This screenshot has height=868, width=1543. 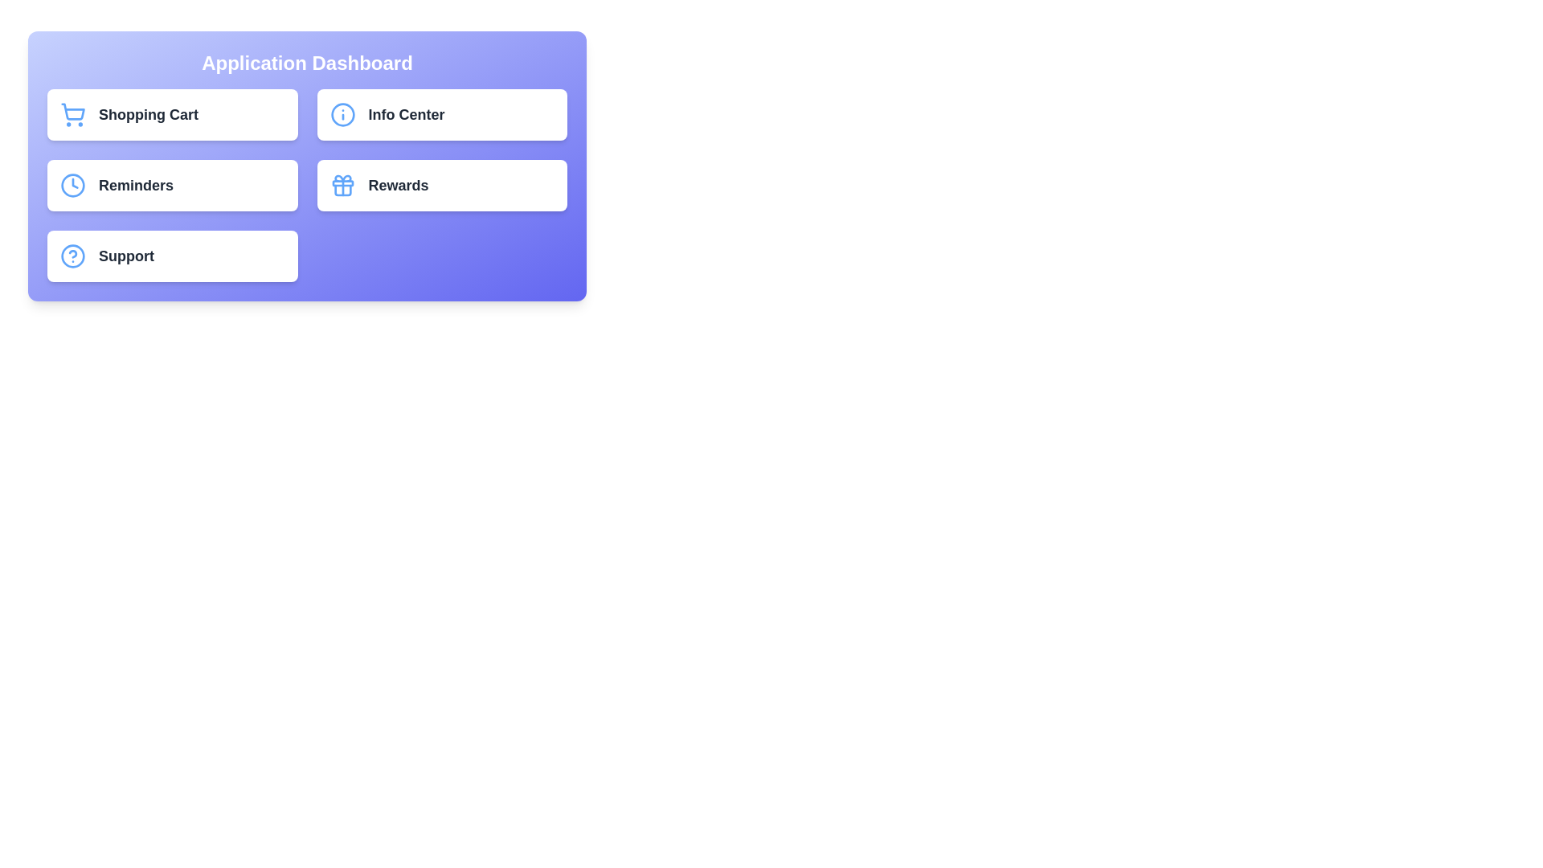 I want to click on the interactive card or button located in the upper-left corner of the grid layout, so click(x=172, y=113).